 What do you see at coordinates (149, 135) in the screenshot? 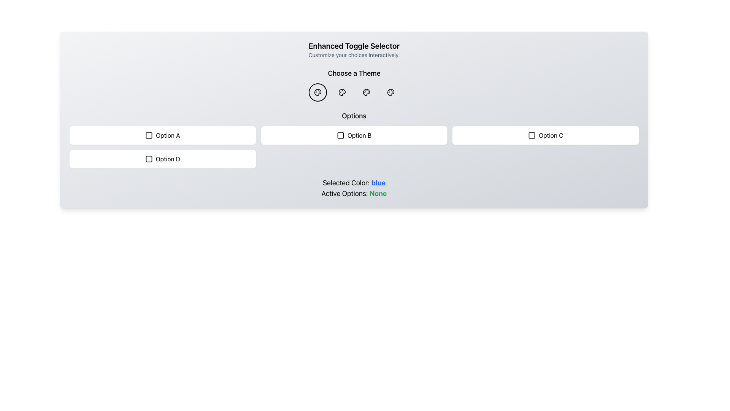
I see `the selectable toggle indicator for 'Option A', which is located to the left of the label text` at bounding box center [149, 135].